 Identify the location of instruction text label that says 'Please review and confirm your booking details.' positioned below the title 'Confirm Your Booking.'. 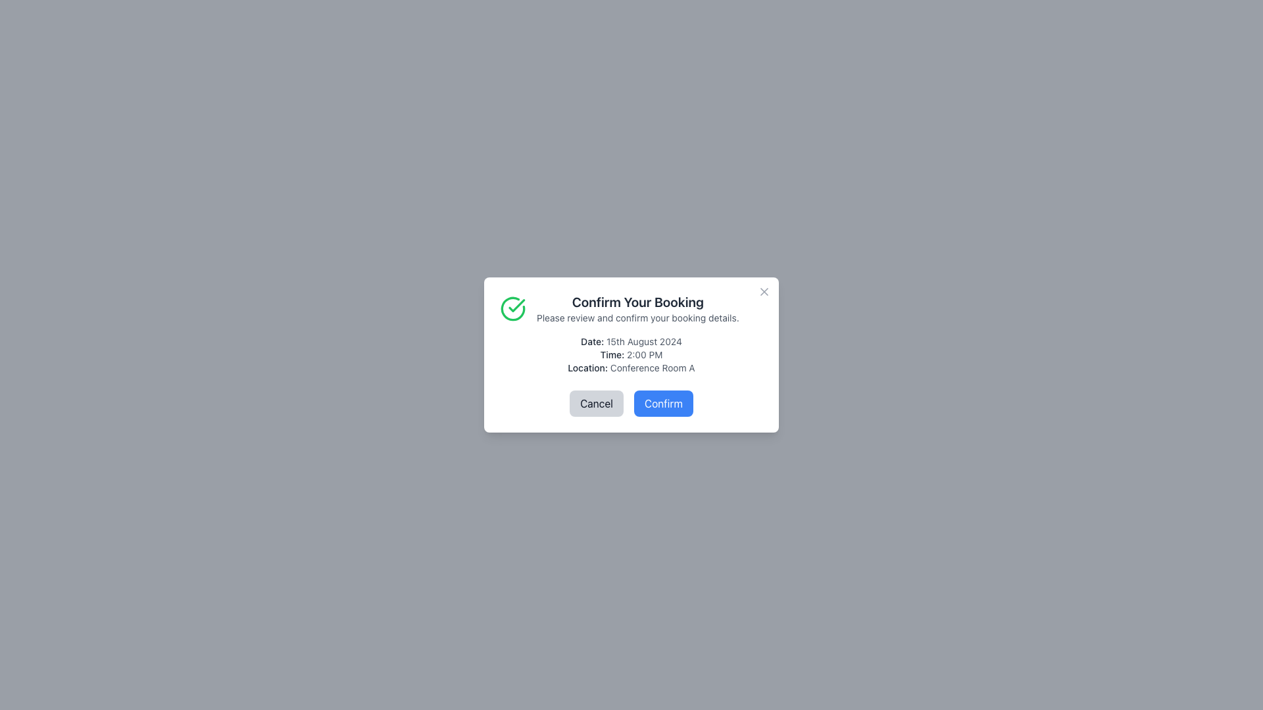
(637, 318).